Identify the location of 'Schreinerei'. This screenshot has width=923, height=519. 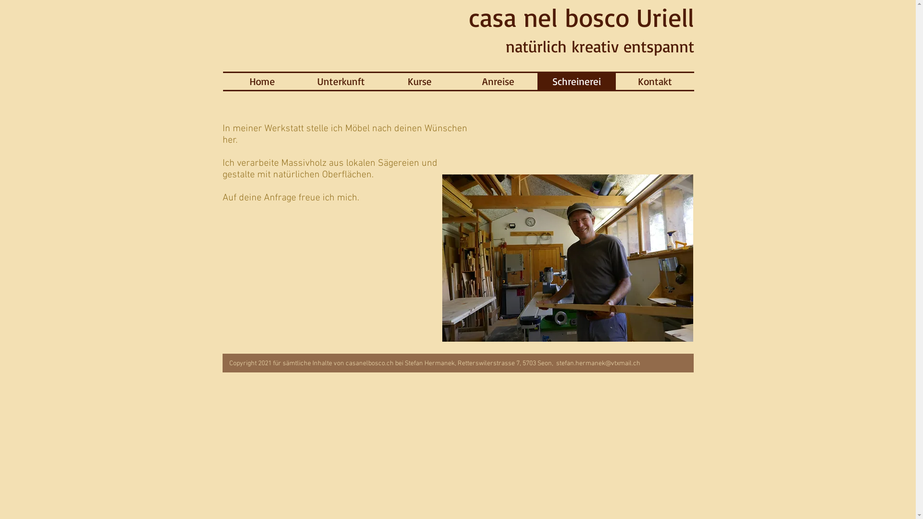
(576, 81).